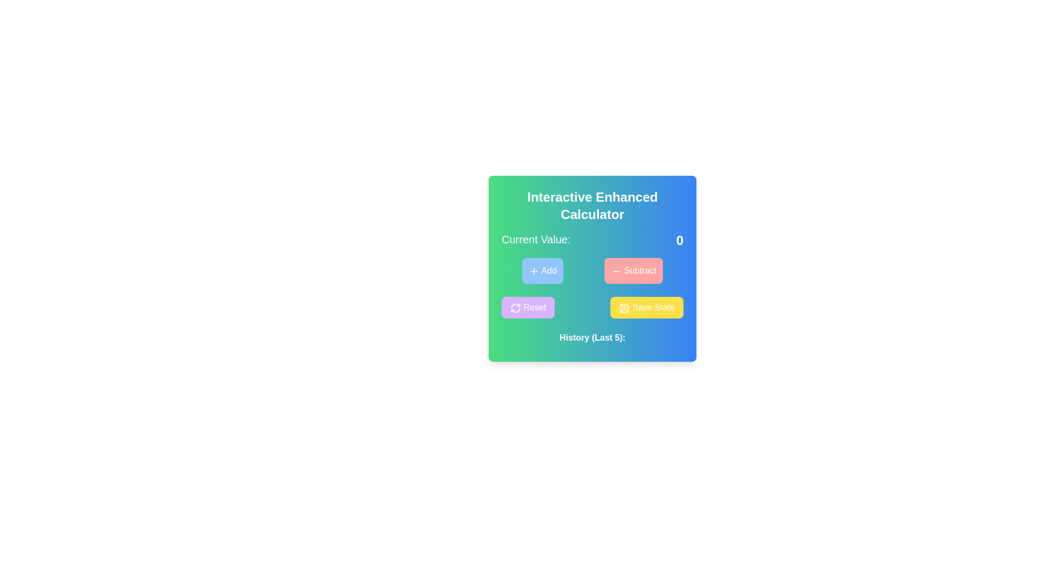 This screenshot has height=584, width=1039. What do you see at coordinates (647, 308) in the screenshot?
I see `the save button located to the right of the purple 'Reset' button at the bottom of the interactive calculator interface` at bounding box center [647, 308].